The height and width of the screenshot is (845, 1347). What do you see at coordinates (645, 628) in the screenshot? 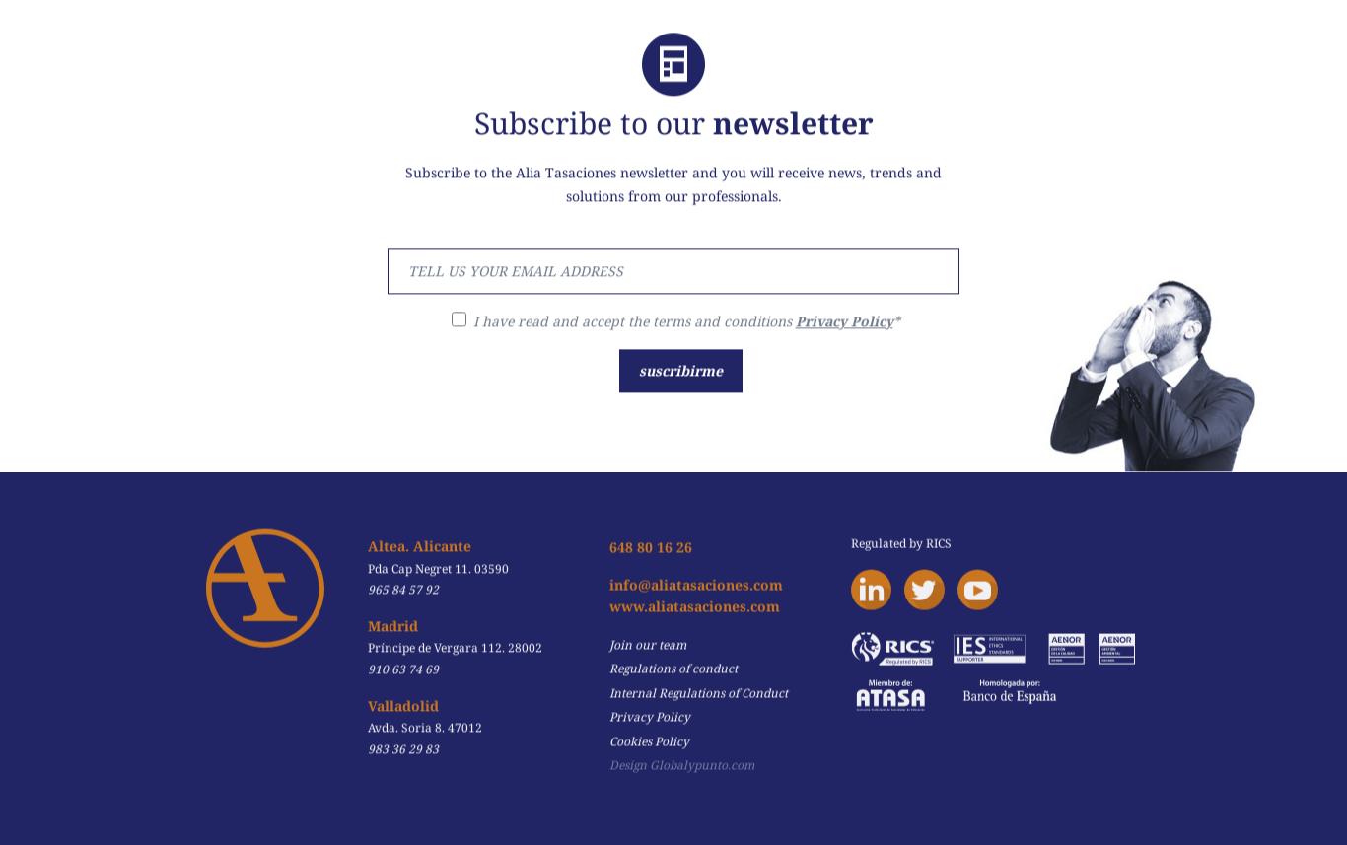
I see `'Join our team'` at bounding box center [645, 628].